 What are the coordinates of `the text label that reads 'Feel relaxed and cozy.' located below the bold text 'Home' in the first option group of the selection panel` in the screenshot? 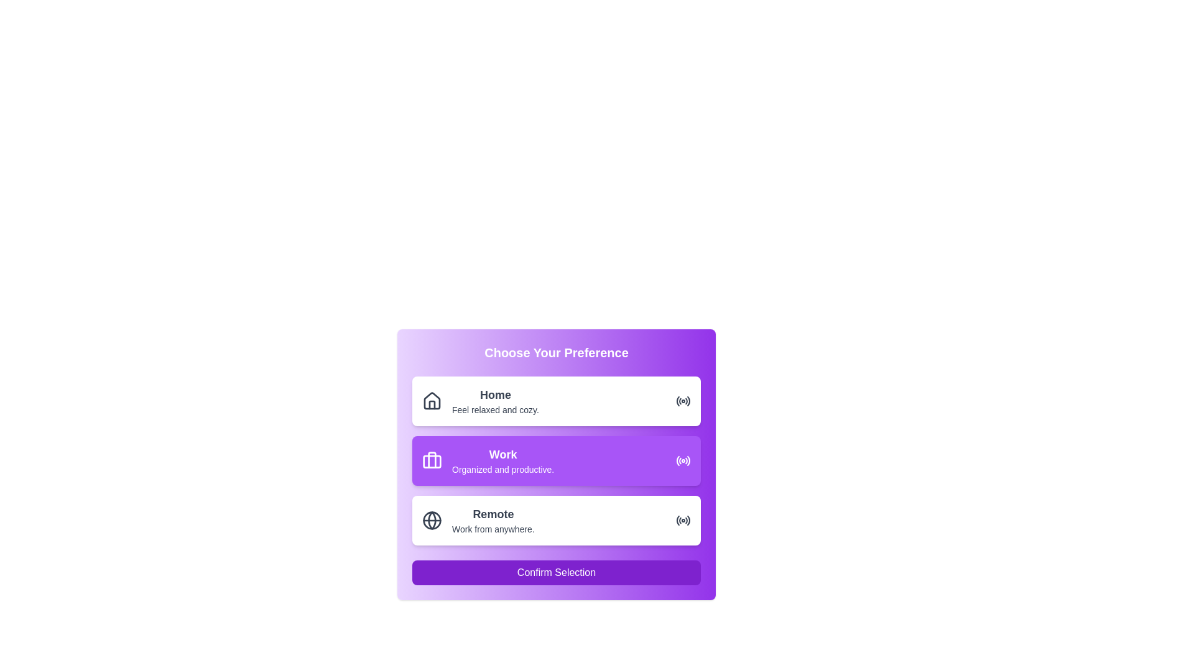 It's located at (494, 409).